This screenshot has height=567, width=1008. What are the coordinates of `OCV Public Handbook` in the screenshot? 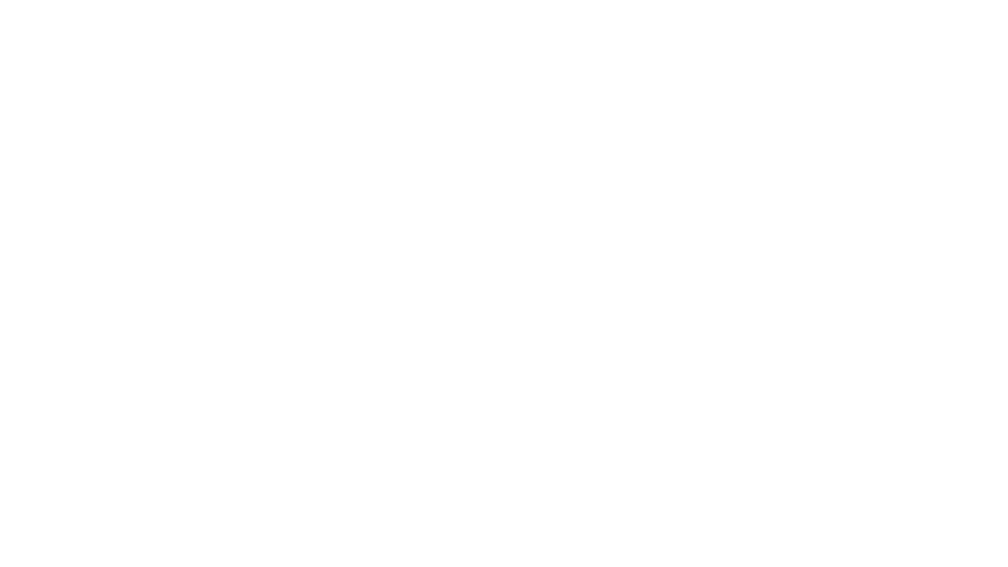 It's located at (56, 12).